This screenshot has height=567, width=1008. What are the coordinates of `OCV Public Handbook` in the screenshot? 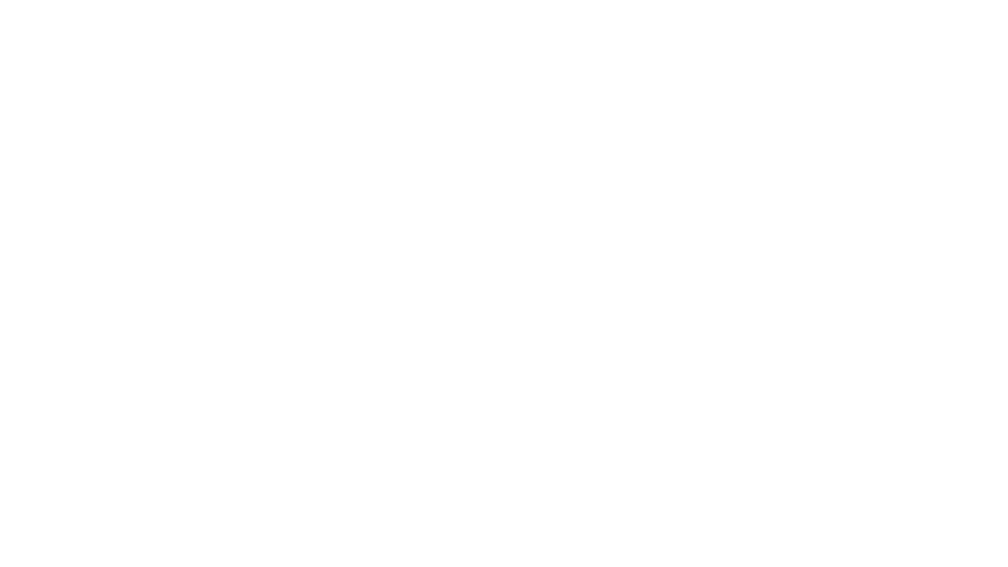 It's located at (56, 12).